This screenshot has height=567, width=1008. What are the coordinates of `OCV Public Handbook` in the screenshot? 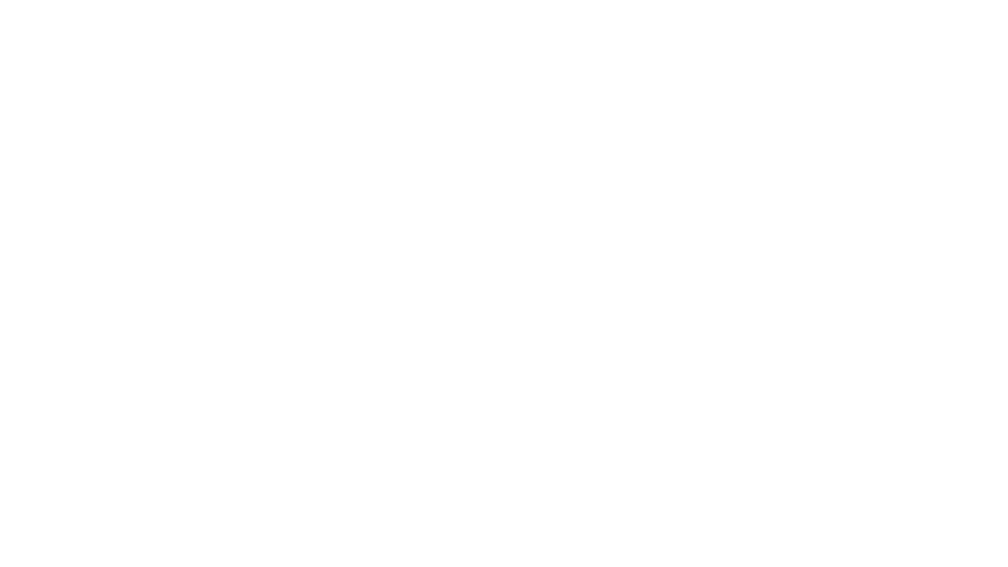 It's located at (56, 12).